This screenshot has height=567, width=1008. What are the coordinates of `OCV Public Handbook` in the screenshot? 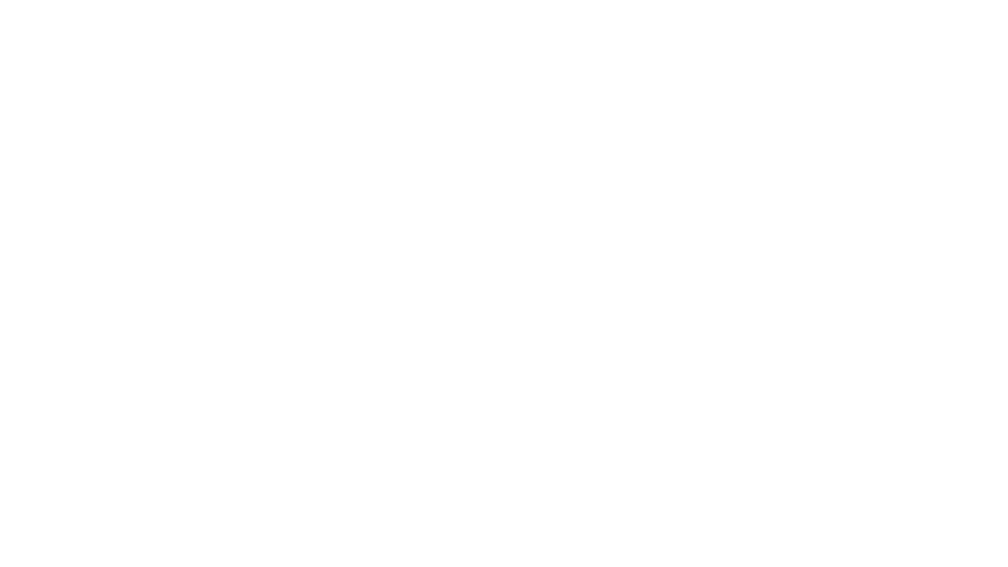 It's located at (56, 12).